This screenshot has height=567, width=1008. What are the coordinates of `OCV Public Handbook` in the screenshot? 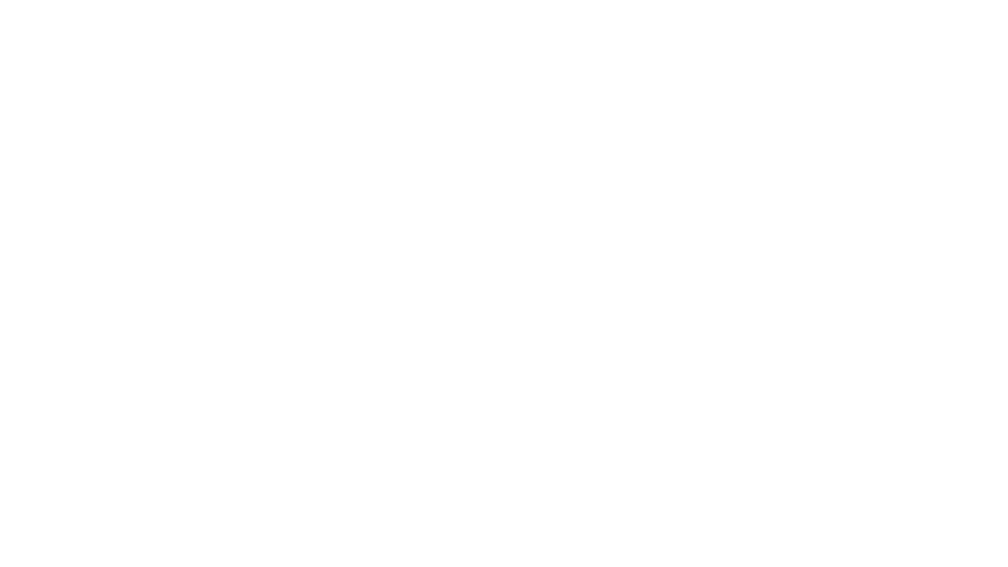 It's located at (56, 12).